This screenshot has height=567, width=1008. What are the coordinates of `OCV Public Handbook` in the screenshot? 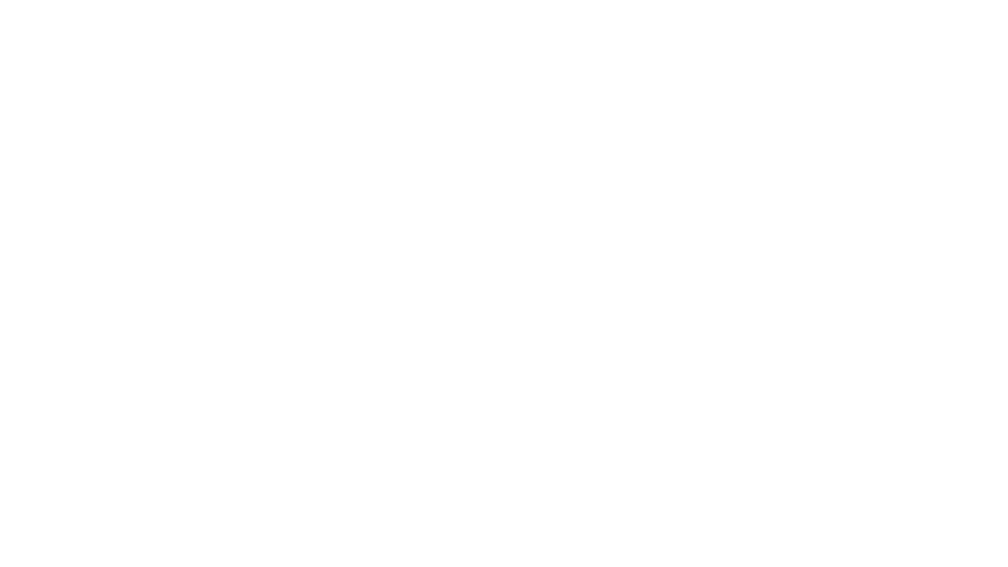 It's located at (56, 12).